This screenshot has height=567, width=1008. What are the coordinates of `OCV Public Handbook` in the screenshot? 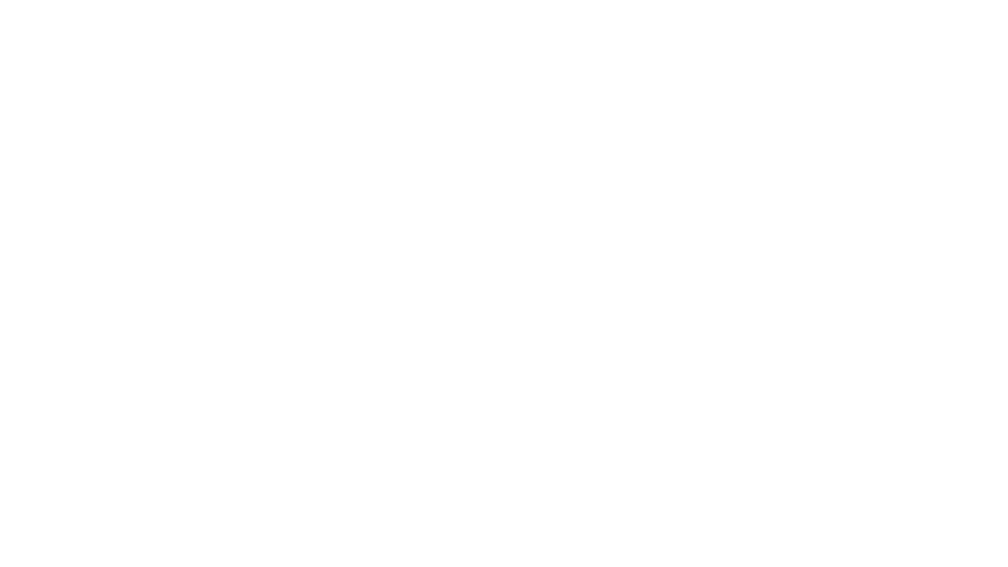 It's located at (56, 12).